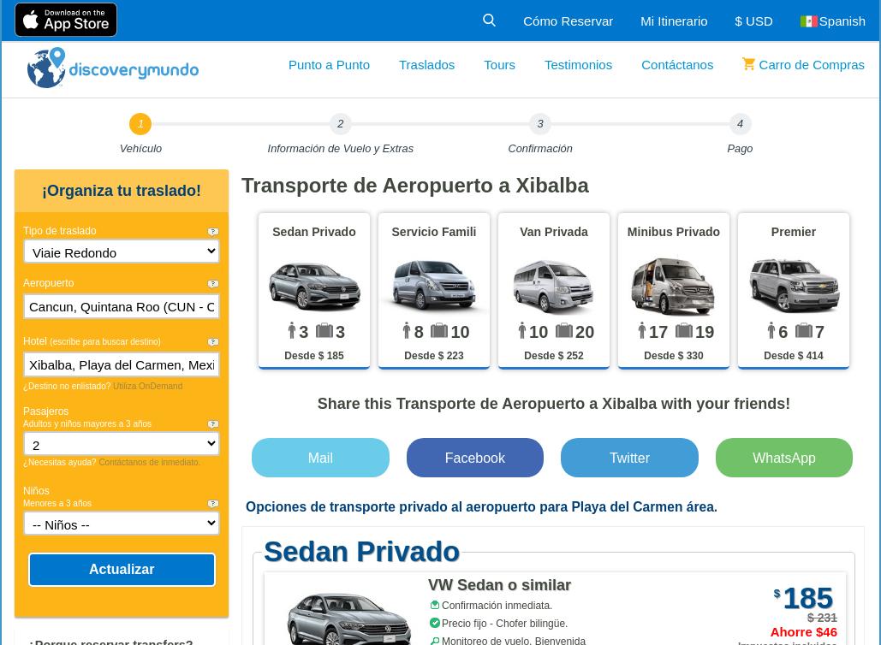  What do you see at coordinates (355, 403) in the screenshot?
I see `'Share this'` at bounding box center [355, 403].